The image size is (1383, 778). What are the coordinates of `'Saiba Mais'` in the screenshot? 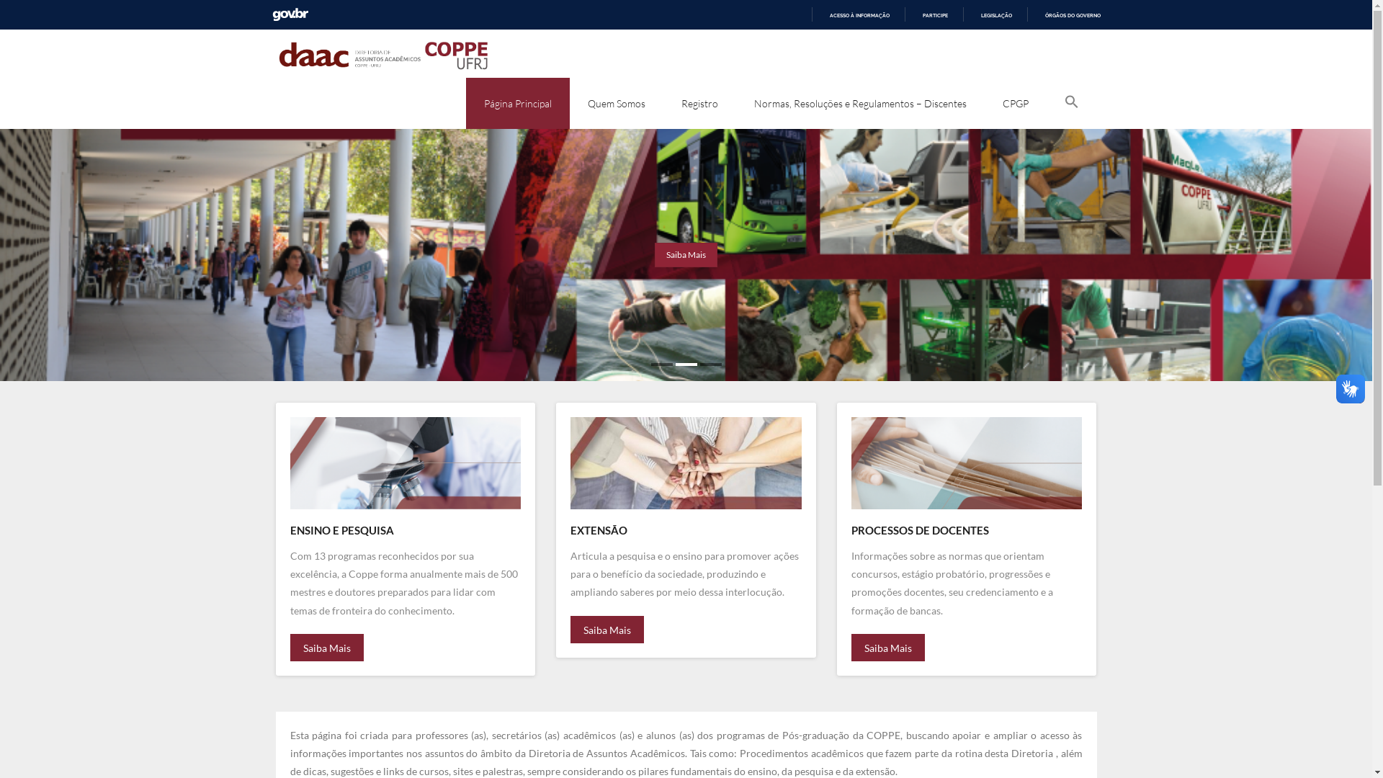 It's located at (685, 256).